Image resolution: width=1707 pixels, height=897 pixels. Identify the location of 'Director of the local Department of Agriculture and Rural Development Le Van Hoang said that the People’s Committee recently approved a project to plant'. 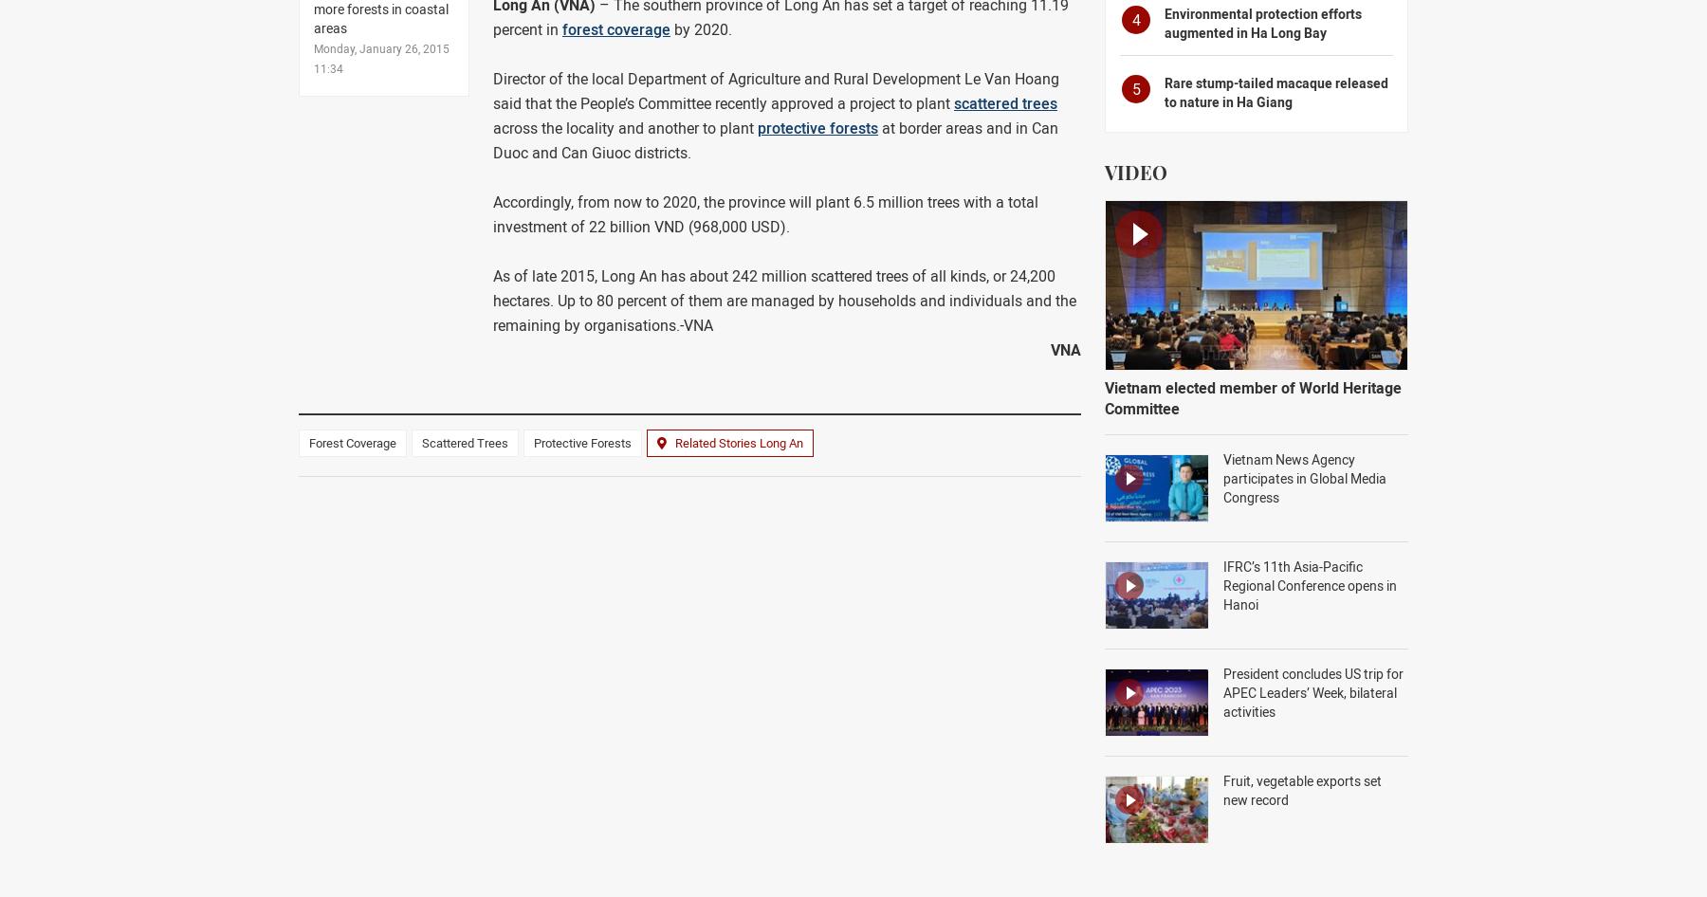
(776, 89).